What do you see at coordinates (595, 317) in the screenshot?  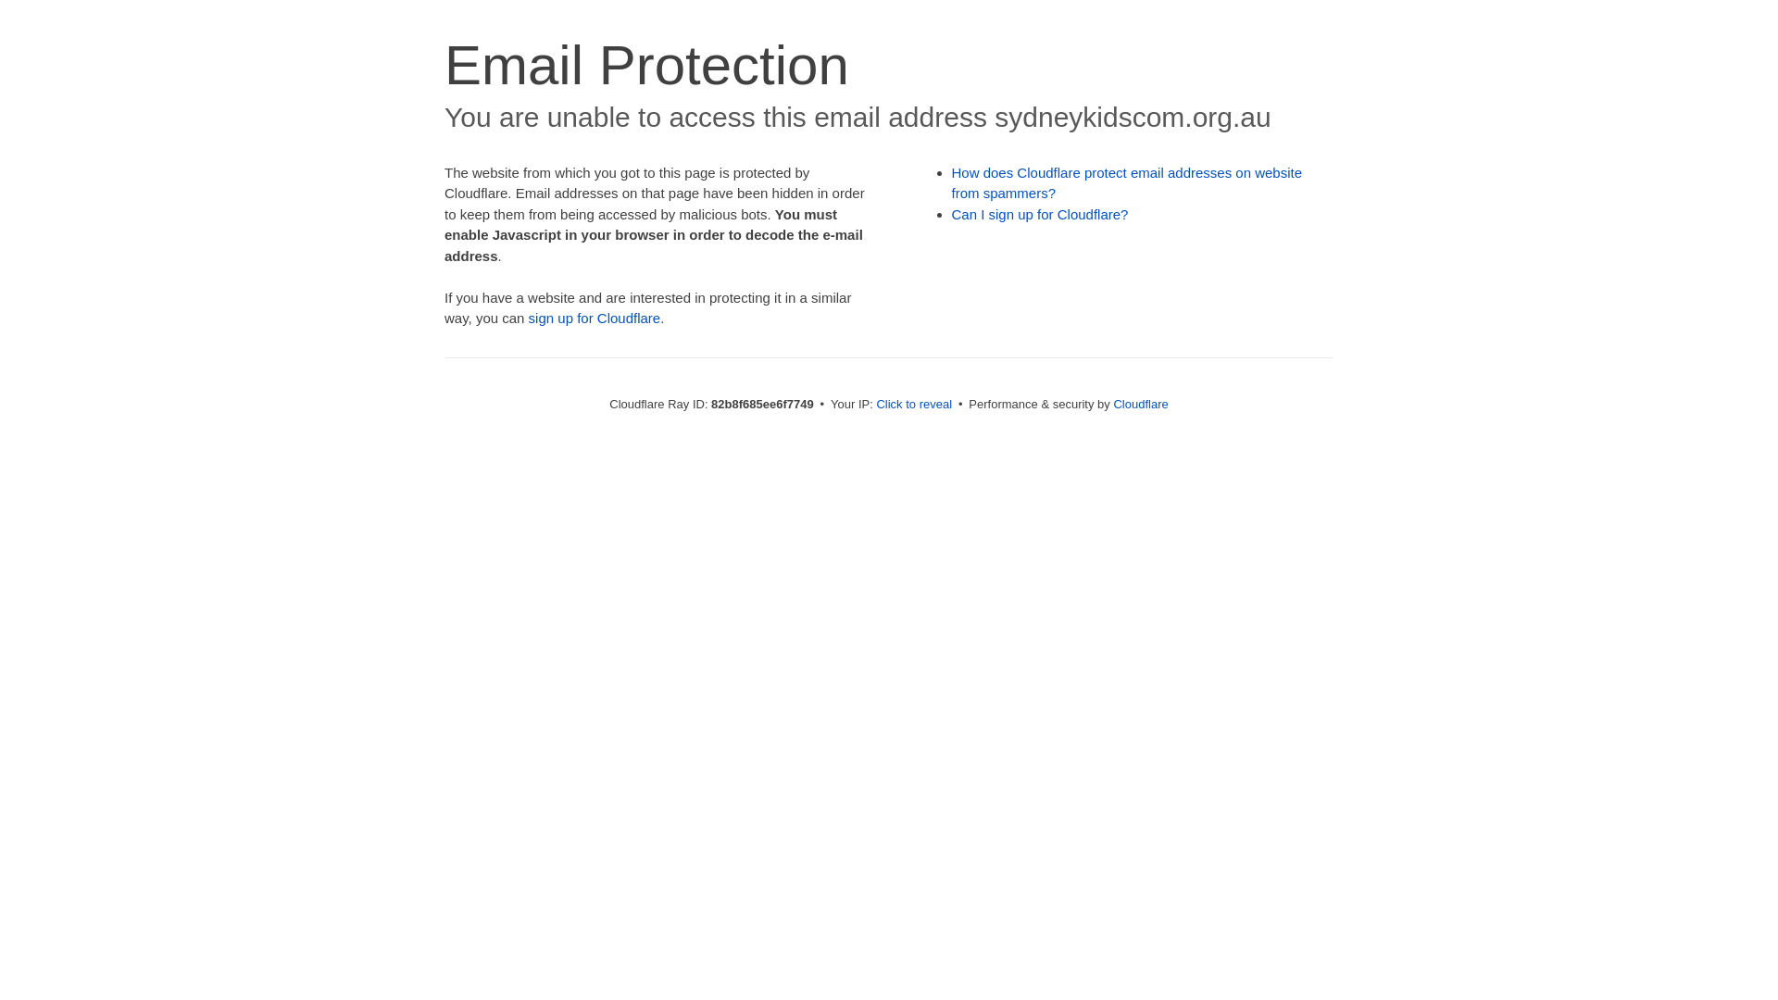 I see `'sign up for Cloudflare'` at bounding box center [595, 317].